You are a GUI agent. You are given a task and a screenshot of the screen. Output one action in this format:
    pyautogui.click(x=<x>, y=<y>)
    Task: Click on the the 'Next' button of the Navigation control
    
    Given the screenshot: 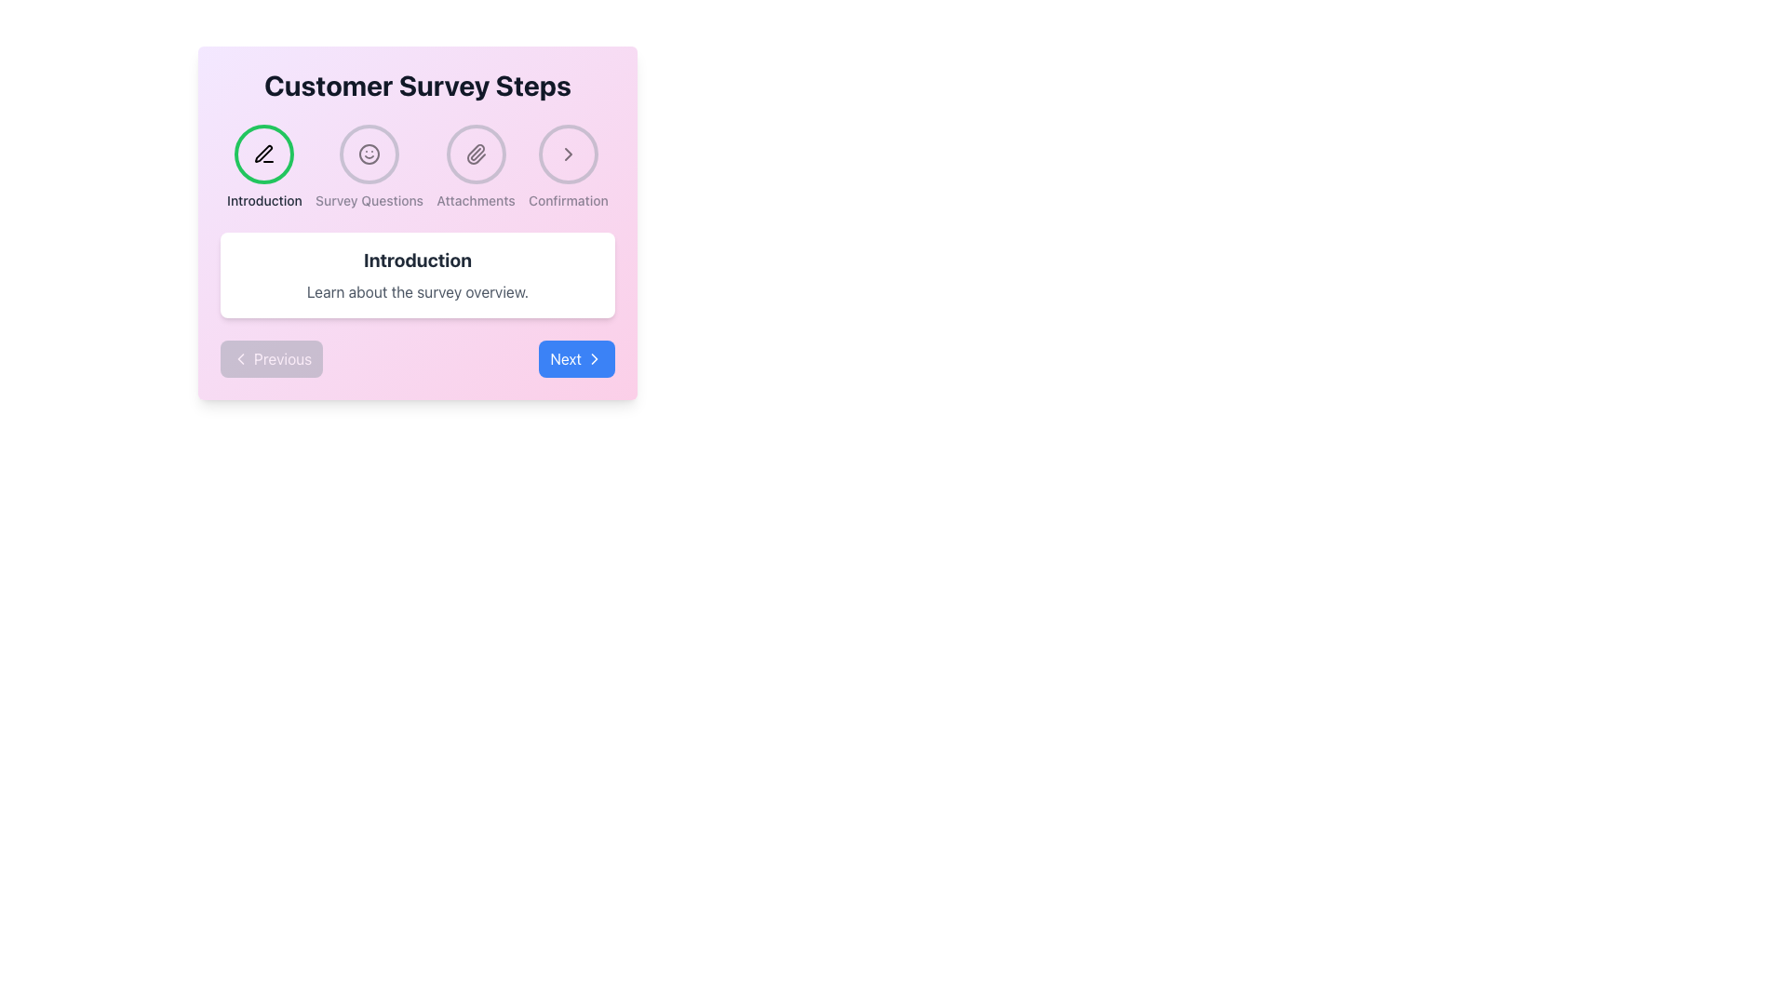 What is the action you would take?
    pyautogui.click(x=417, y=358)
    